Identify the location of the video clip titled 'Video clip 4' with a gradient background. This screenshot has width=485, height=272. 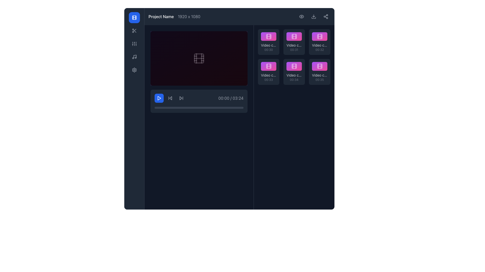
(268, 66).